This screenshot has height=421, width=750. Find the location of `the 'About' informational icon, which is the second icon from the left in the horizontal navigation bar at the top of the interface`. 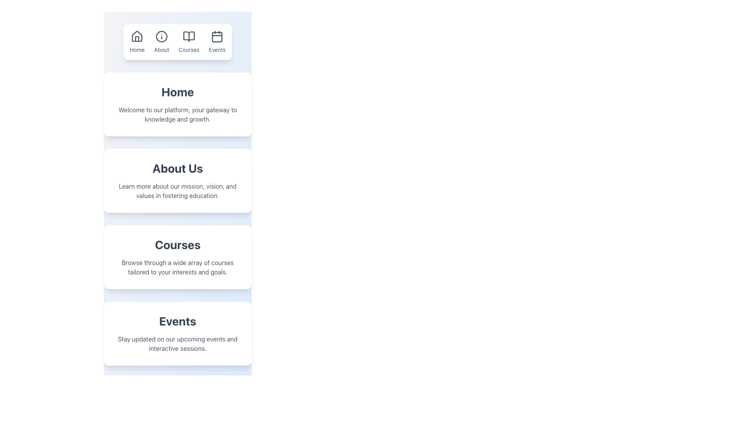

the 'About' informational icon, which is the second icon from the left in the horizontal navigation bar at the top of the interface is located at coordinates (161, 36).